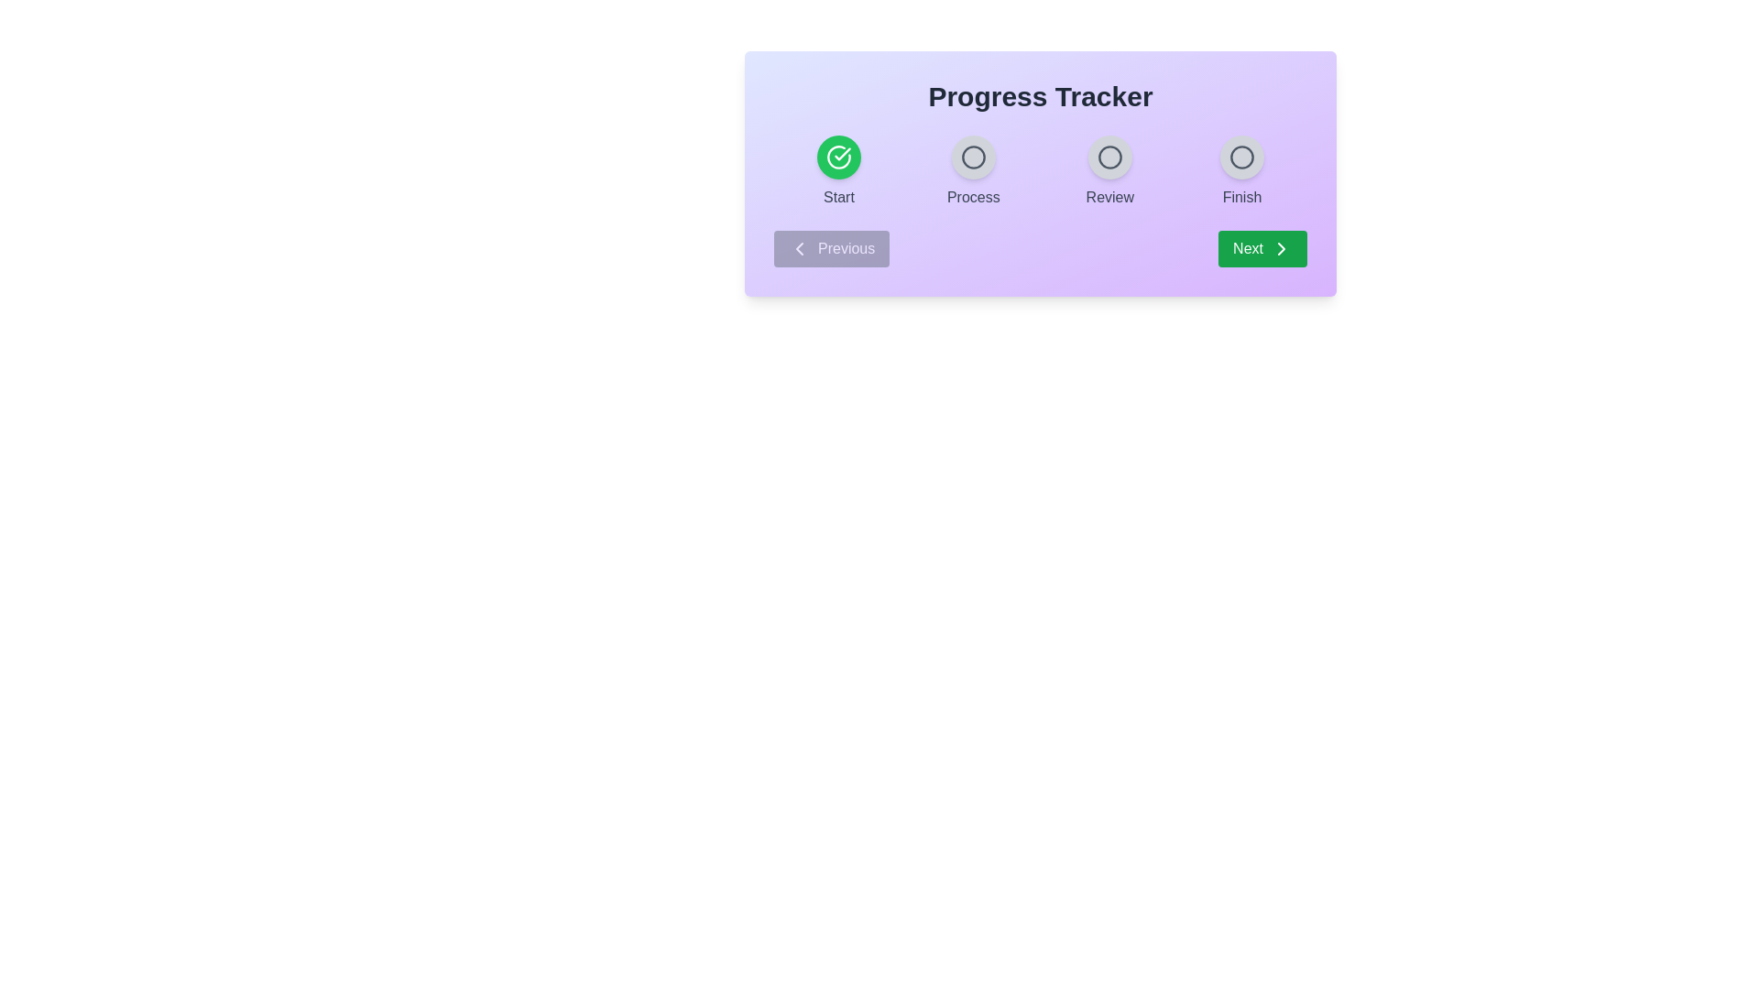  I want to click on the 'Start' status indicator, which is the first element in a sequence of progress indicators and visually represents an active or completed step with a green color and check mark, so click(838, 172).